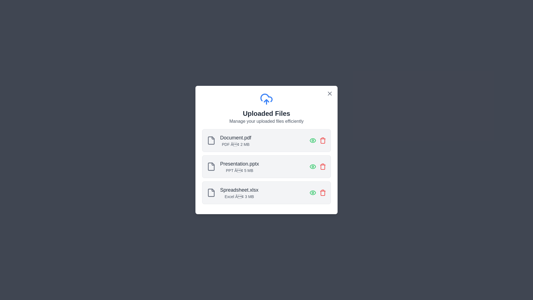 This screenshot has width=533, height=300. I want to click on metadata information from the static text label located below 'Presentation.pptx' in the second row of the file list within the 'Uploaded Files' modal dialog, so click(240, 170).